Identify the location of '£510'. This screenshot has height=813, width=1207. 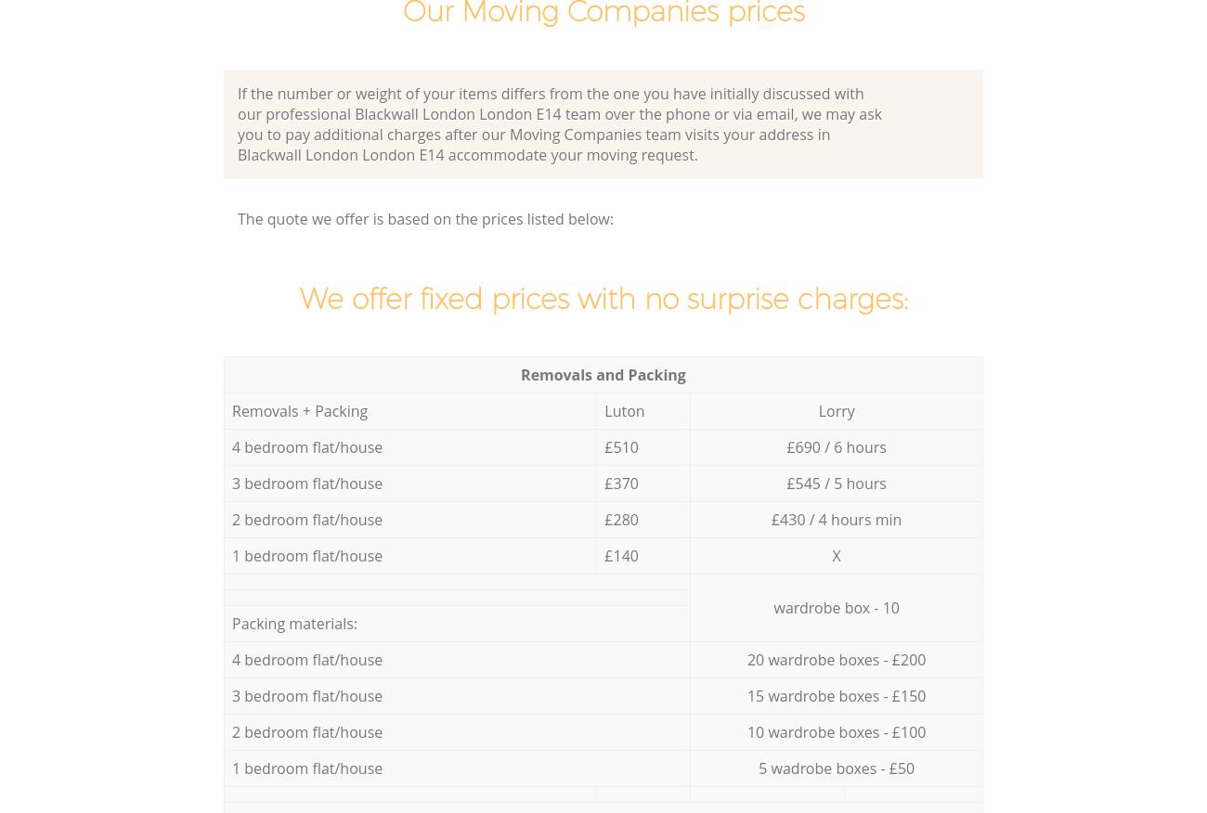
(619, 445).